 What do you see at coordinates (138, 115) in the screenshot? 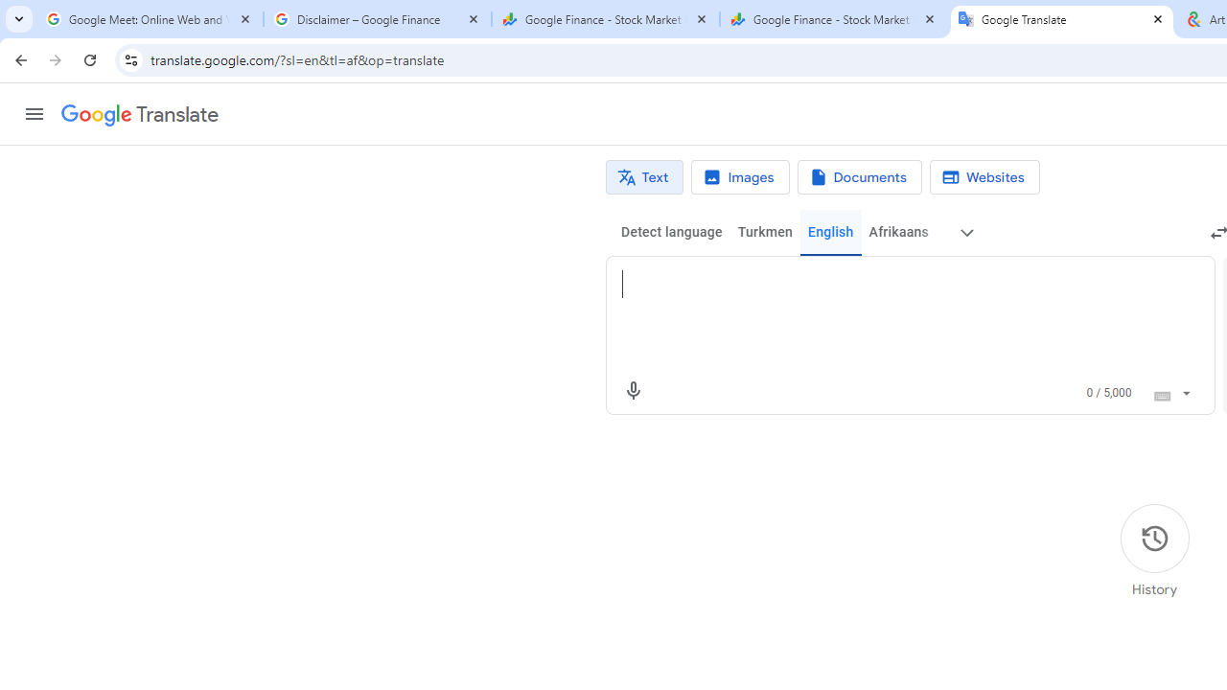
I see `'Google Translate'` at bounding box center [138, 115].